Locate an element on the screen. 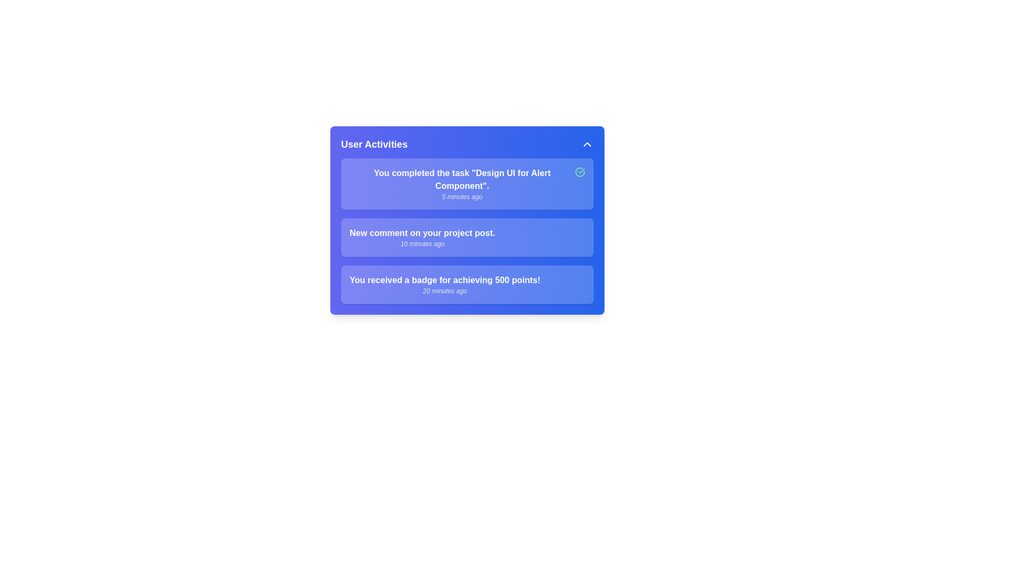  the second informational card within the 'User Activities' section, which is styled with a gradient background and contains a title and timestamp is located at coordinates (467, 231).